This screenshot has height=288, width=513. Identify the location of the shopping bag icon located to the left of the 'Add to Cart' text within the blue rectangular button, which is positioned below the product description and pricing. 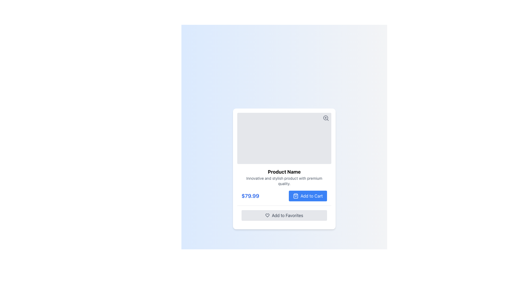
(295, 196).